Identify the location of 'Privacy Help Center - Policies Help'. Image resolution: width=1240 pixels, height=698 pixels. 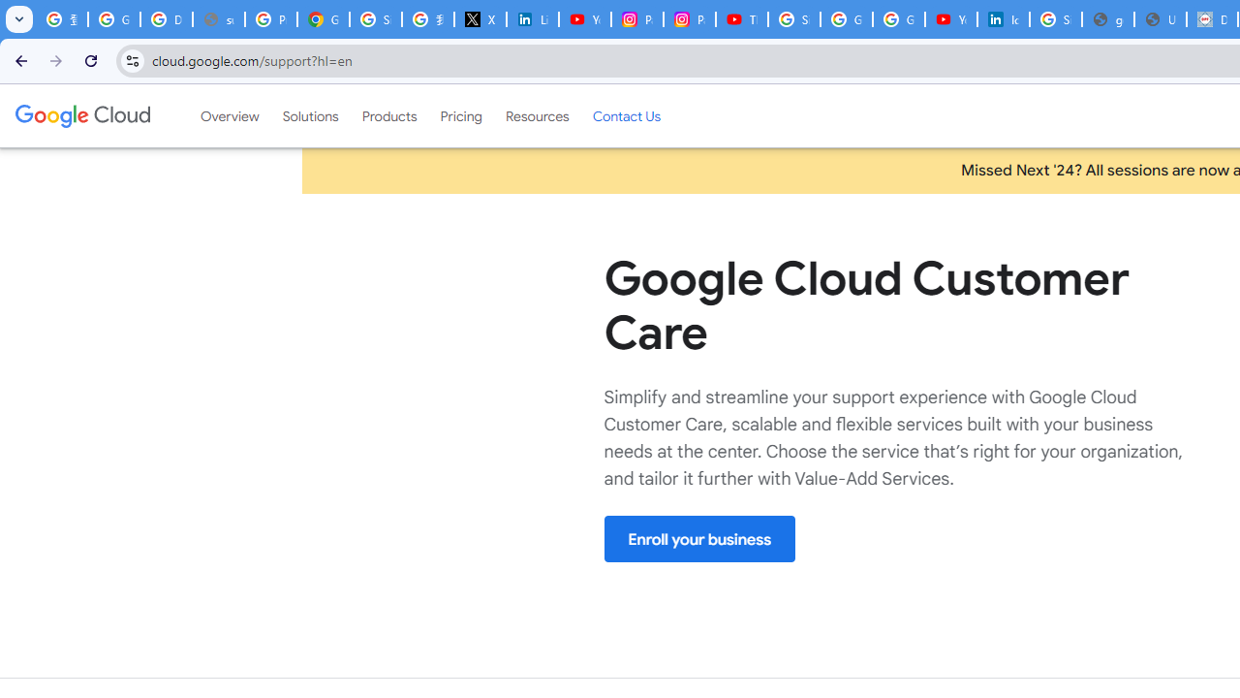
(270, 19).